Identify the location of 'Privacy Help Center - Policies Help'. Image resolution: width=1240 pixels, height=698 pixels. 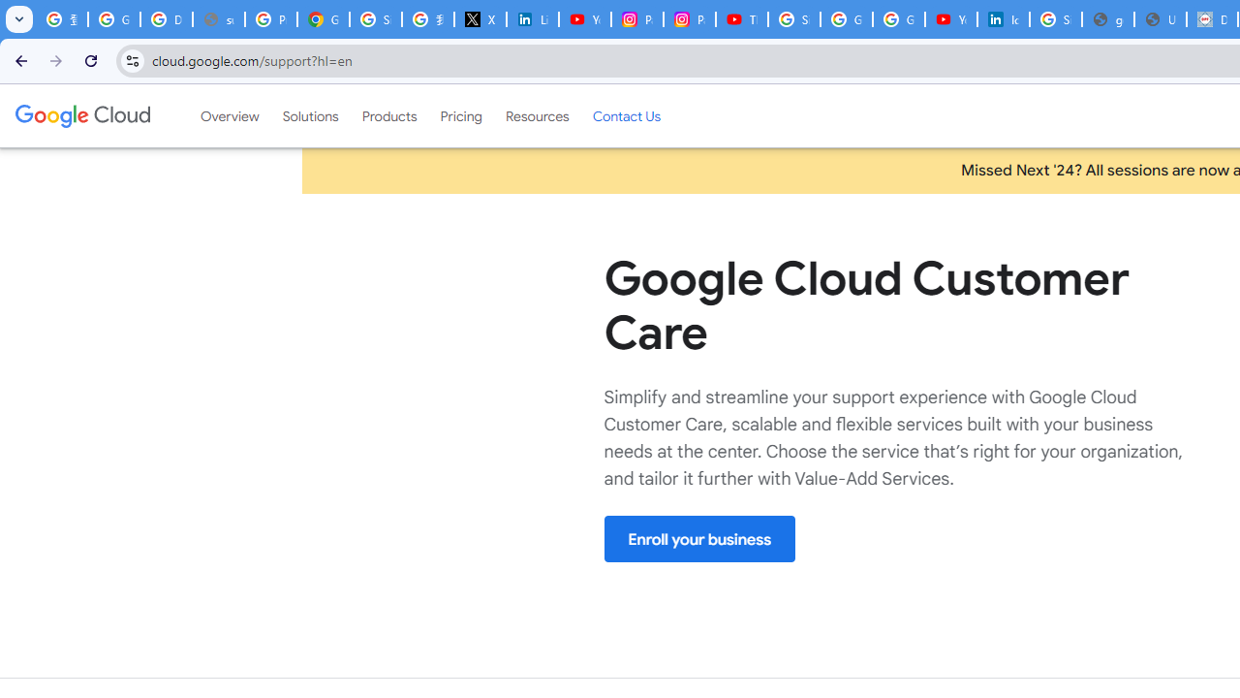
(270, 19).